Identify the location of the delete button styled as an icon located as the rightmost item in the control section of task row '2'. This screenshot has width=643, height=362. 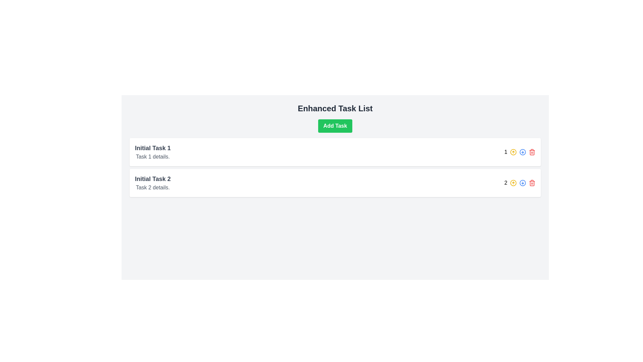
(531, 183).